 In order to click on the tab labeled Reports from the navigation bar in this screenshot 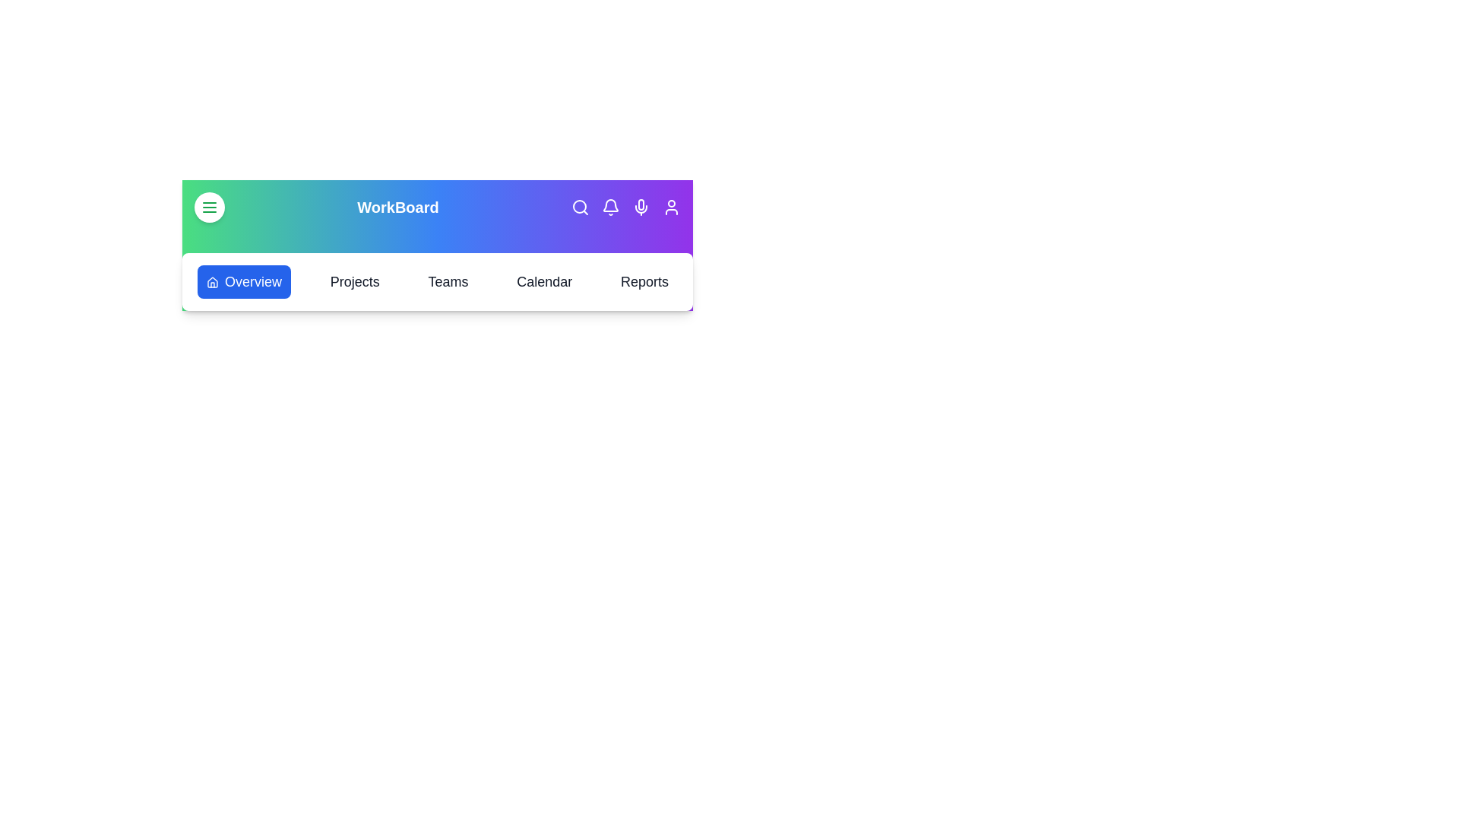, I will do `click(644, 281)`.